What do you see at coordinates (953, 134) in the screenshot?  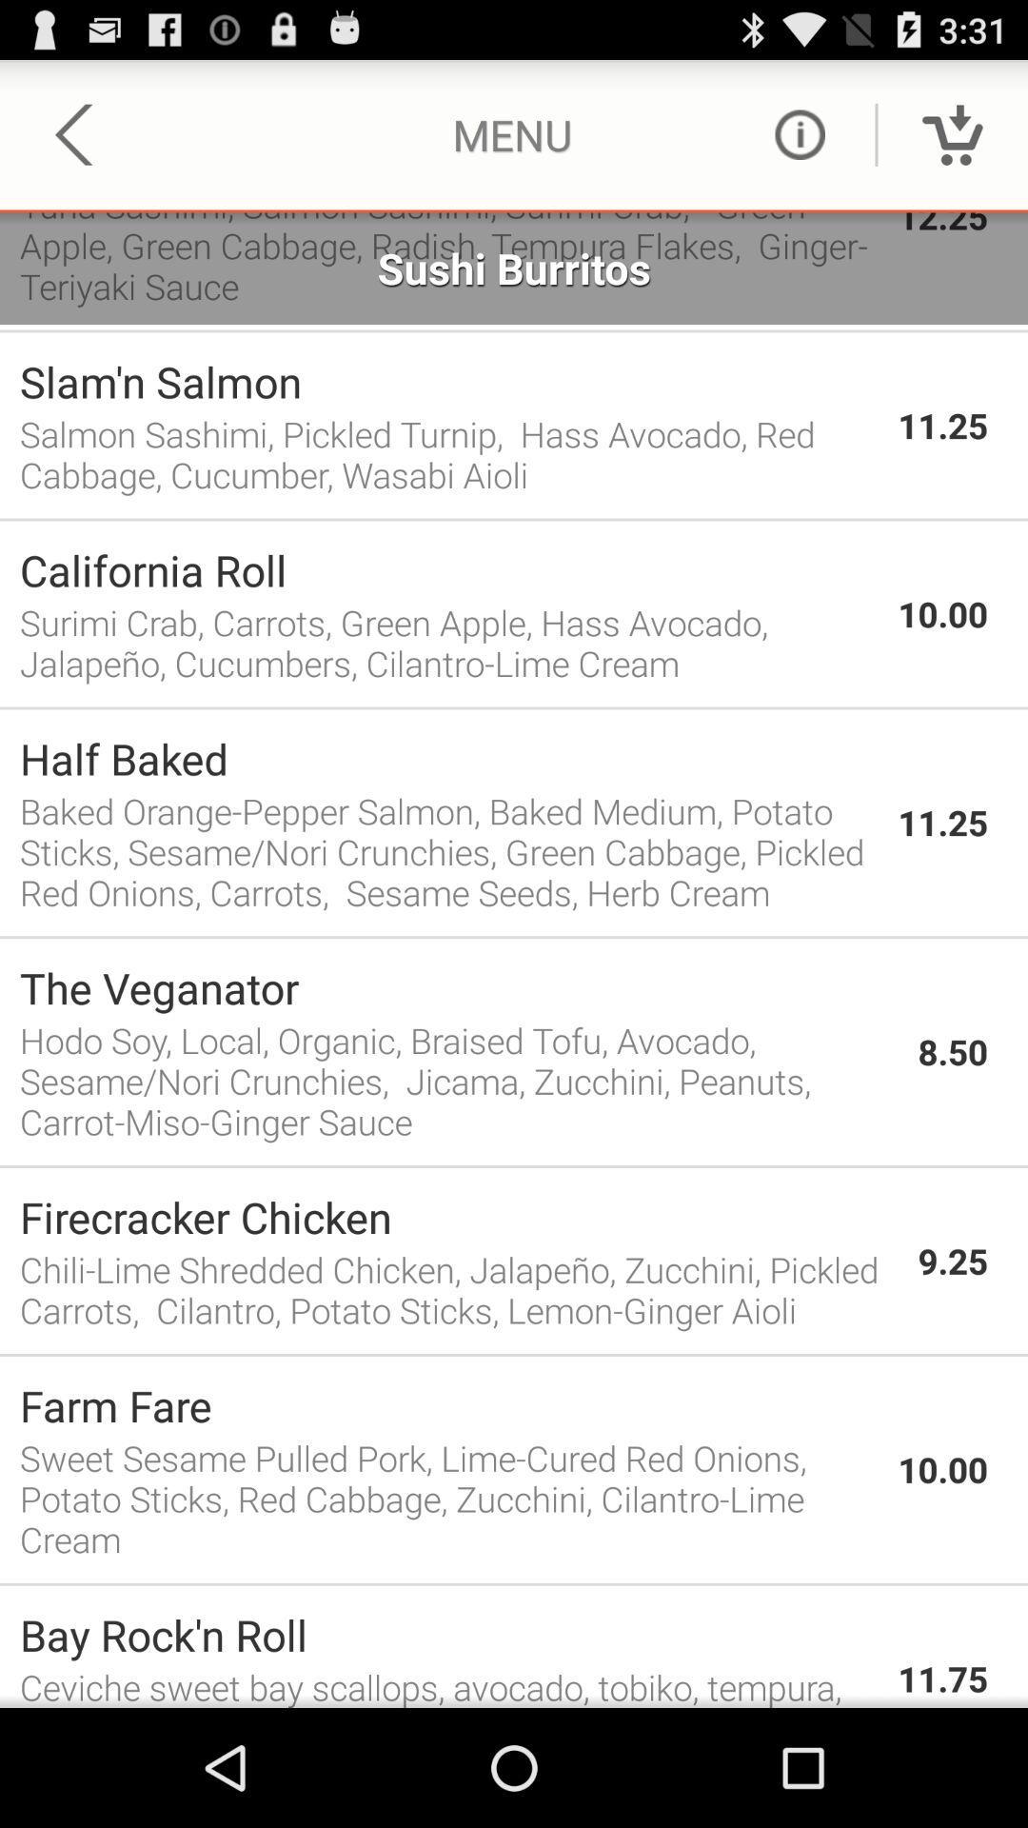 I see `the cart button on the top right corner of the web page` at bounding box center [953, 134].